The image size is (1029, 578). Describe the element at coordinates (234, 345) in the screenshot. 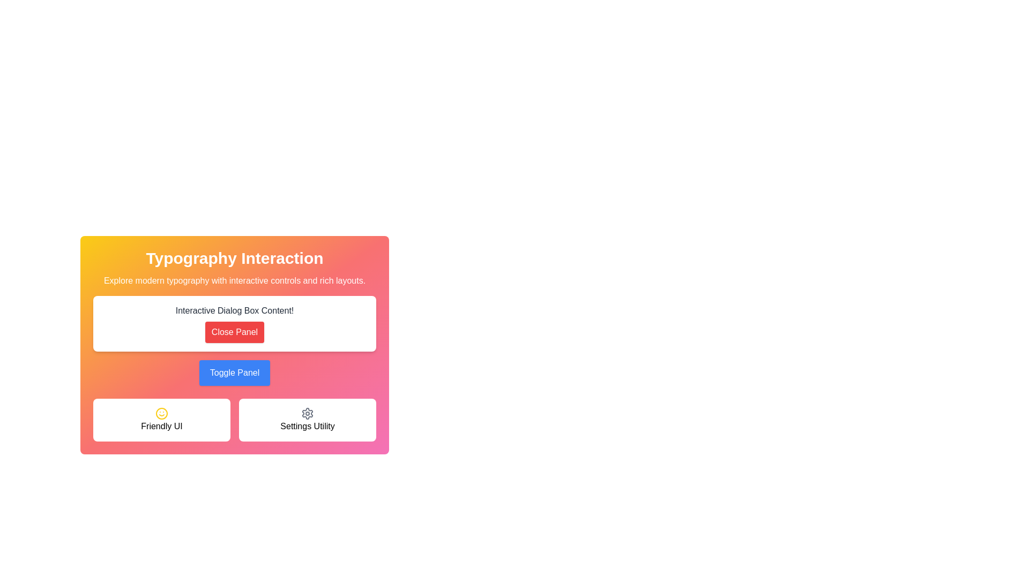

I see `the 'Close Panel' button, which is a rectangular button with a red background and white text, located beneath the 'Interactive Dialog Box Content!' and above the 'Toggle Panel' button` at that location.